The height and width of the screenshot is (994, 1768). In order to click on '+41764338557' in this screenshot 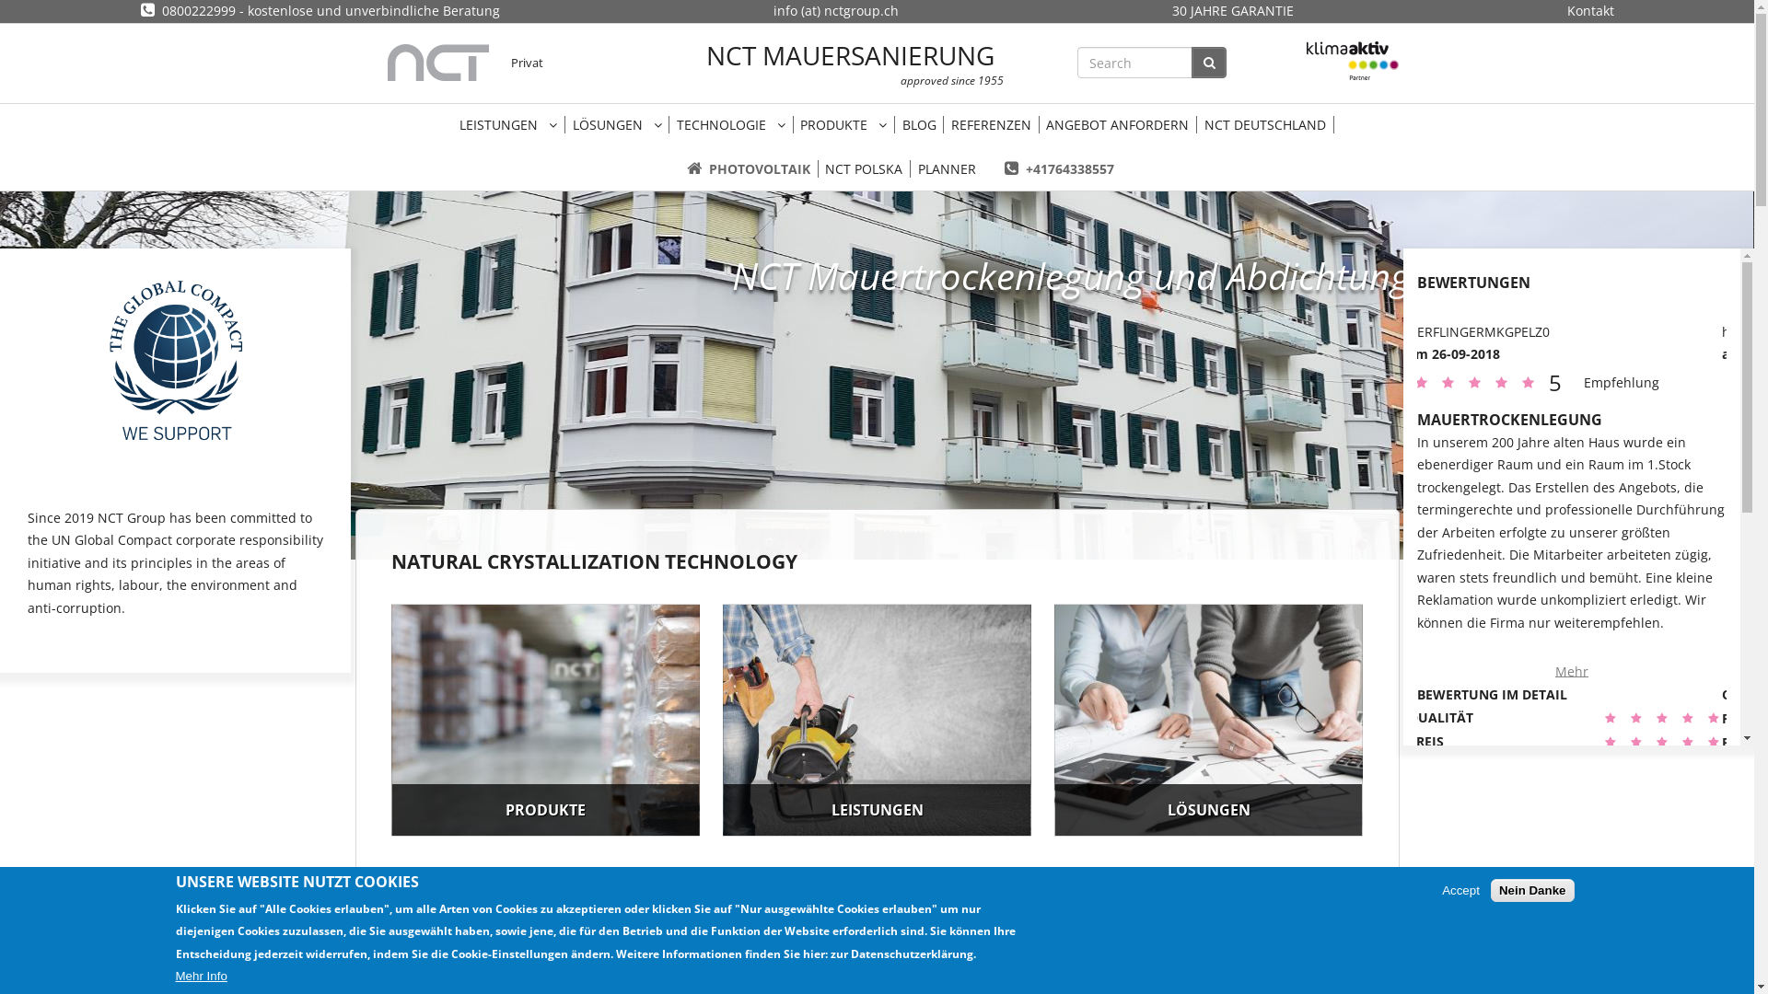, I will do `click(1059, 168)`.